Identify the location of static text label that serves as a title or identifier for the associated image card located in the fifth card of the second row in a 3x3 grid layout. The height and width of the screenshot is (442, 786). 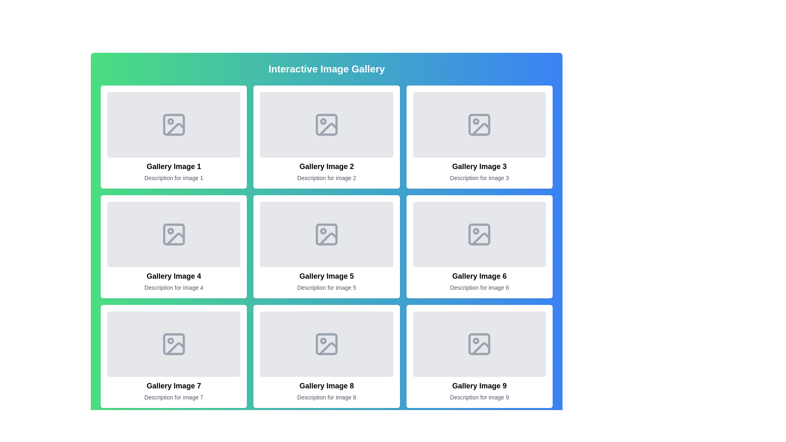
(326, 276).